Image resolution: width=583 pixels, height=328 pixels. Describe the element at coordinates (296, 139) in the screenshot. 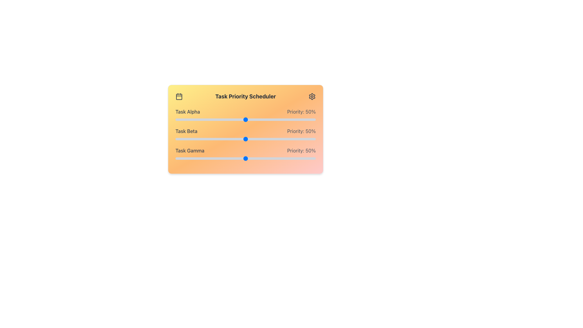

I see `the "Task Beta" priority` at that location.